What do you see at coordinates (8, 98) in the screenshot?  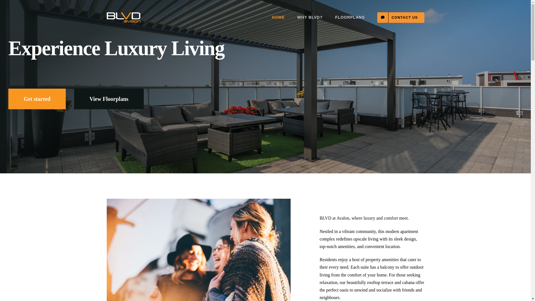 I see `'Get started'` at bounding box center [8, 98].